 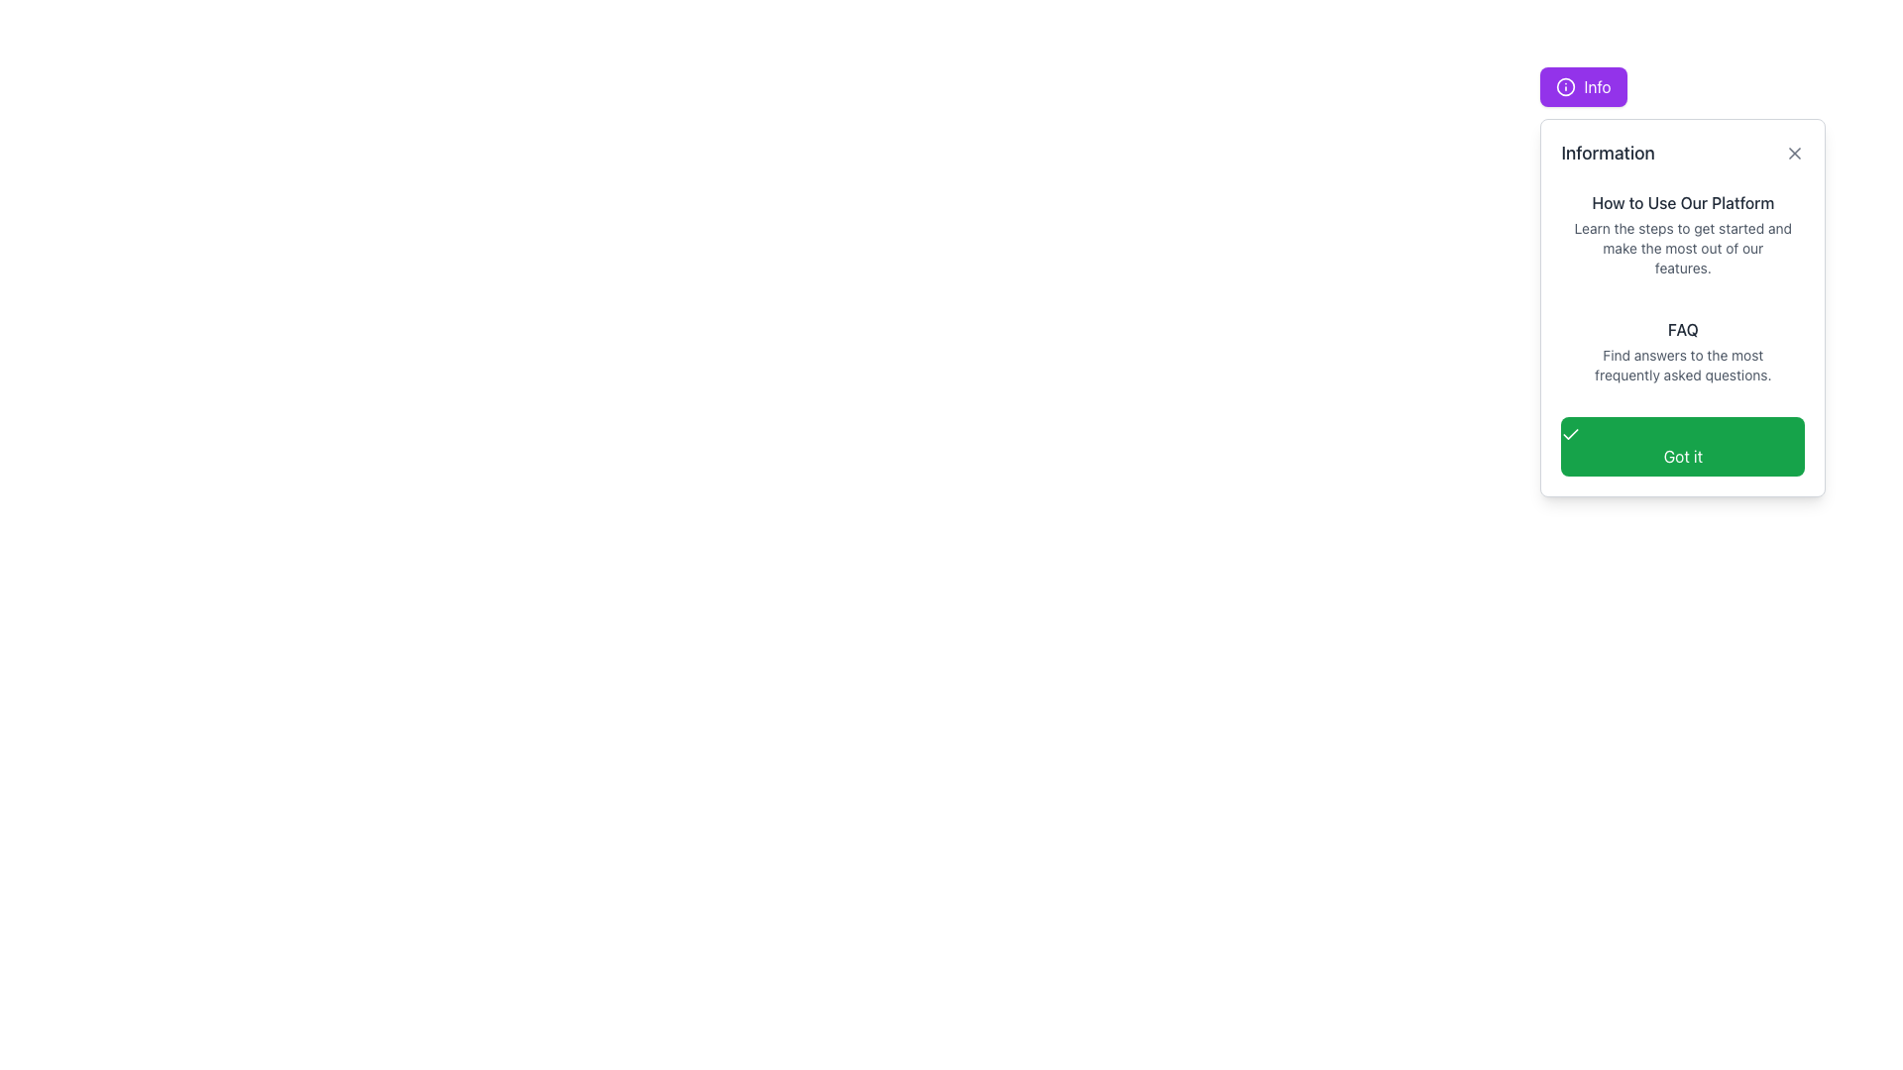 I want to click on the bold text label reading 'FAQ', which is styled with a medium font weight and dark gray color on a white background, located centered horizontally within the modal window, so click(x=1682, y=328).